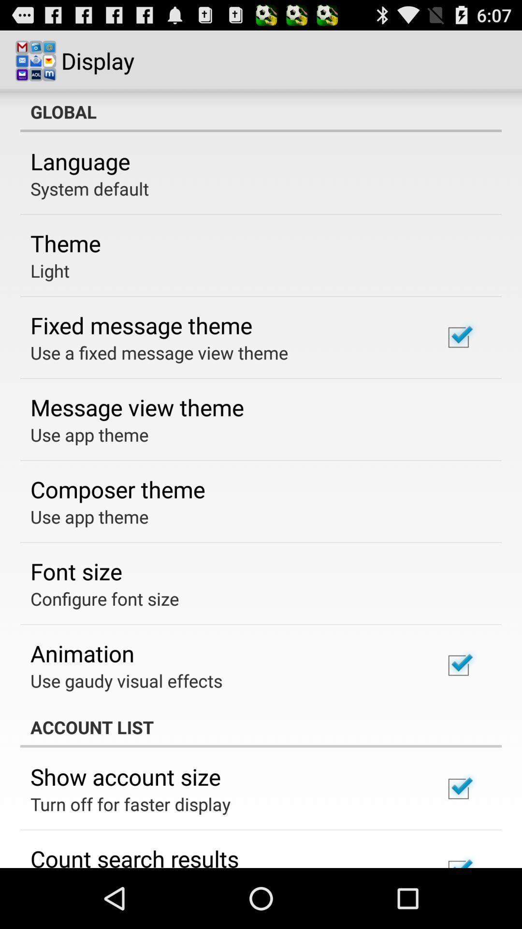 Image resolution: width=522 pixels, height=929 pixels. I want to click on icon above use gaudy visual icon, so click(82, 653).